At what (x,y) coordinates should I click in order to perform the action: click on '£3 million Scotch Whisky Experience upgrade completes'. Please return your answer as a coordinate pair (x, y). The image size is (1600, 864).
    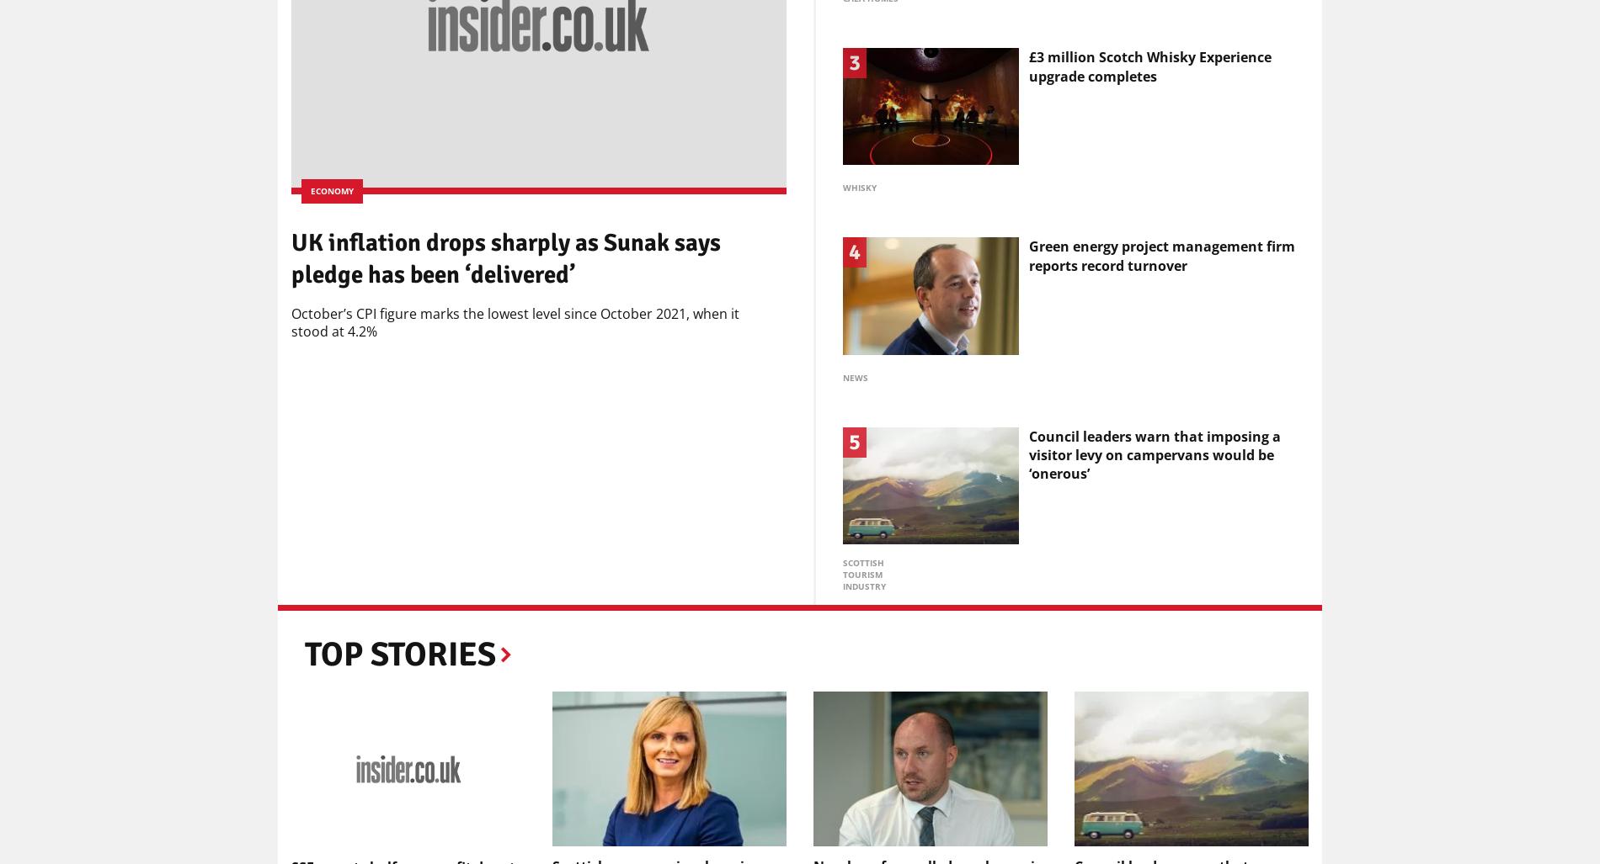
    Looking at the image, I should click on (1149, 65).